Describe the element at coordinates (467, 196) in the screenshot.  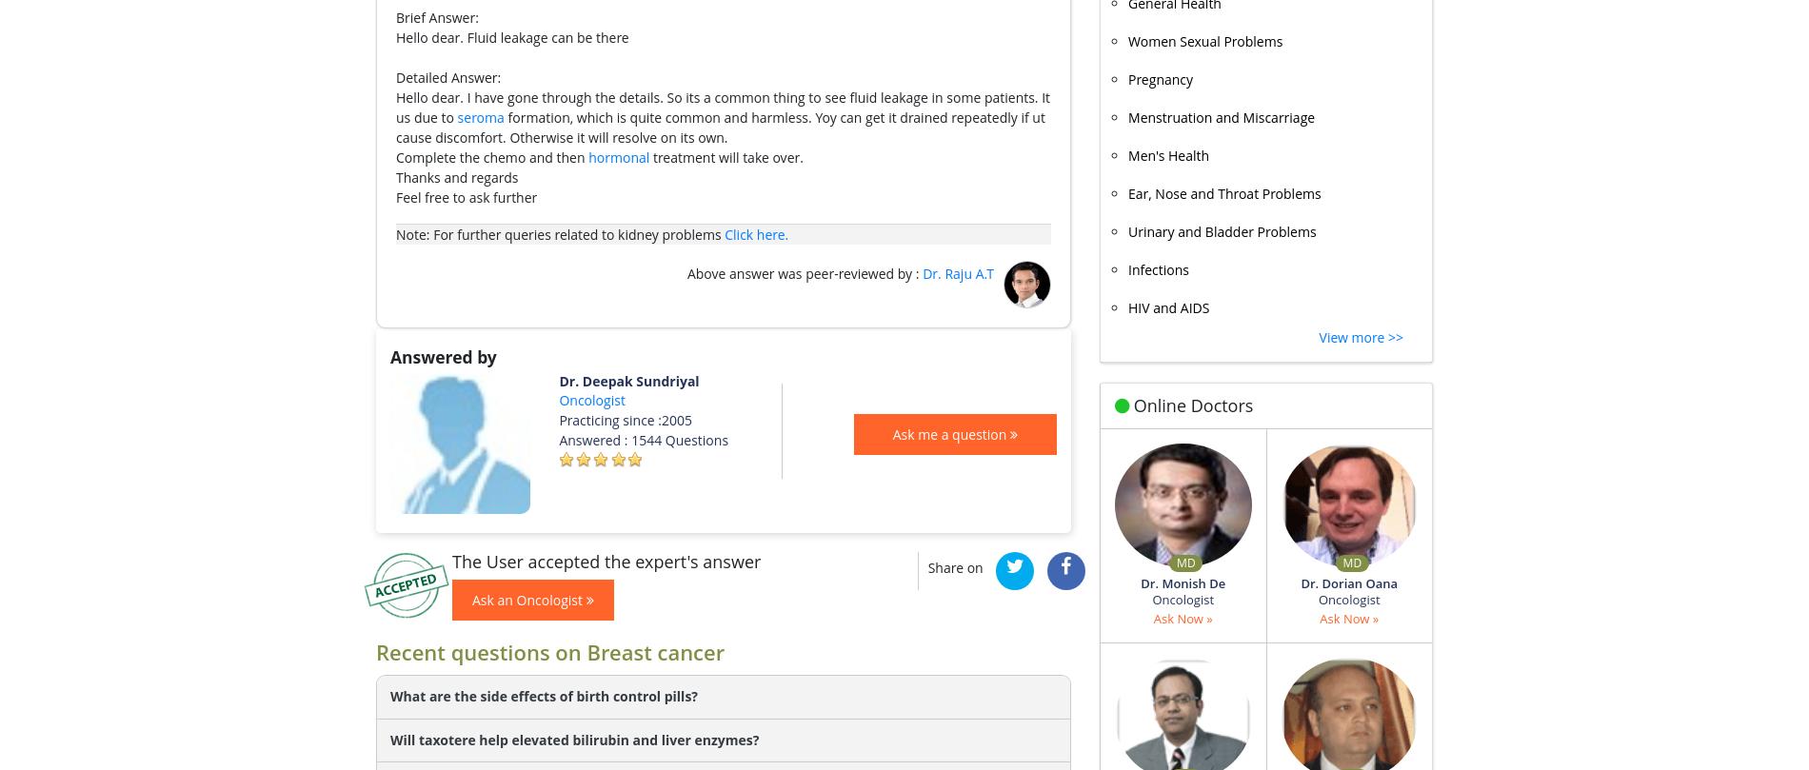
I see `'Feel free to ask further'` at that location.